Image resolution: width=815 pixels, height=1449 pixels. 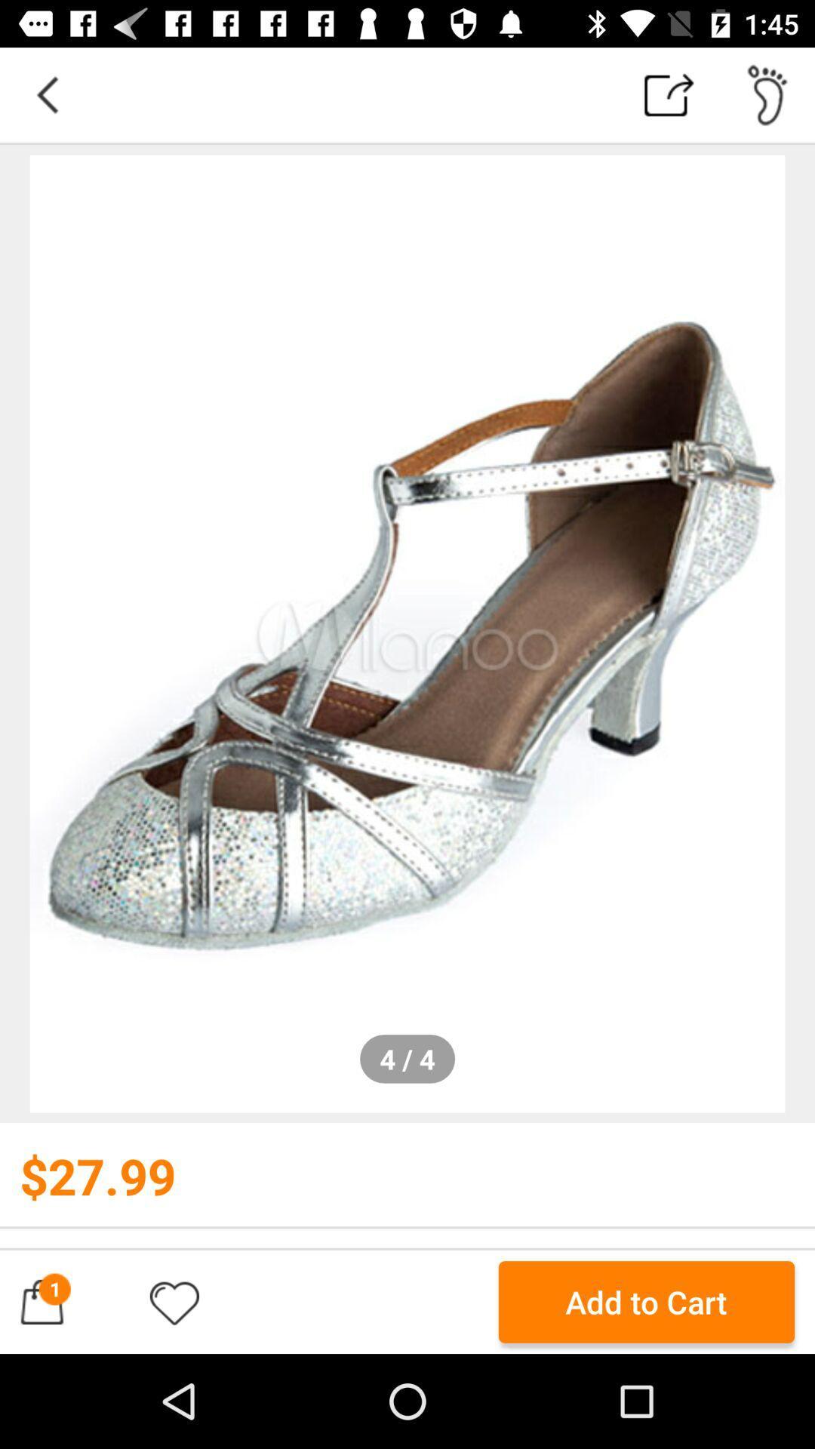 I want to click on as favorite, so click(x=174, y=1301).